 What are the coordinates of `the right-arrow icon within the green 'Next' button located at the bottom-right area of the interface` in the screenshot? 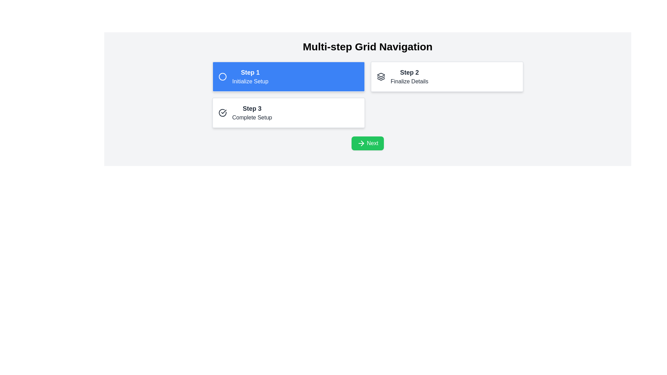 It's located at (361, 143).